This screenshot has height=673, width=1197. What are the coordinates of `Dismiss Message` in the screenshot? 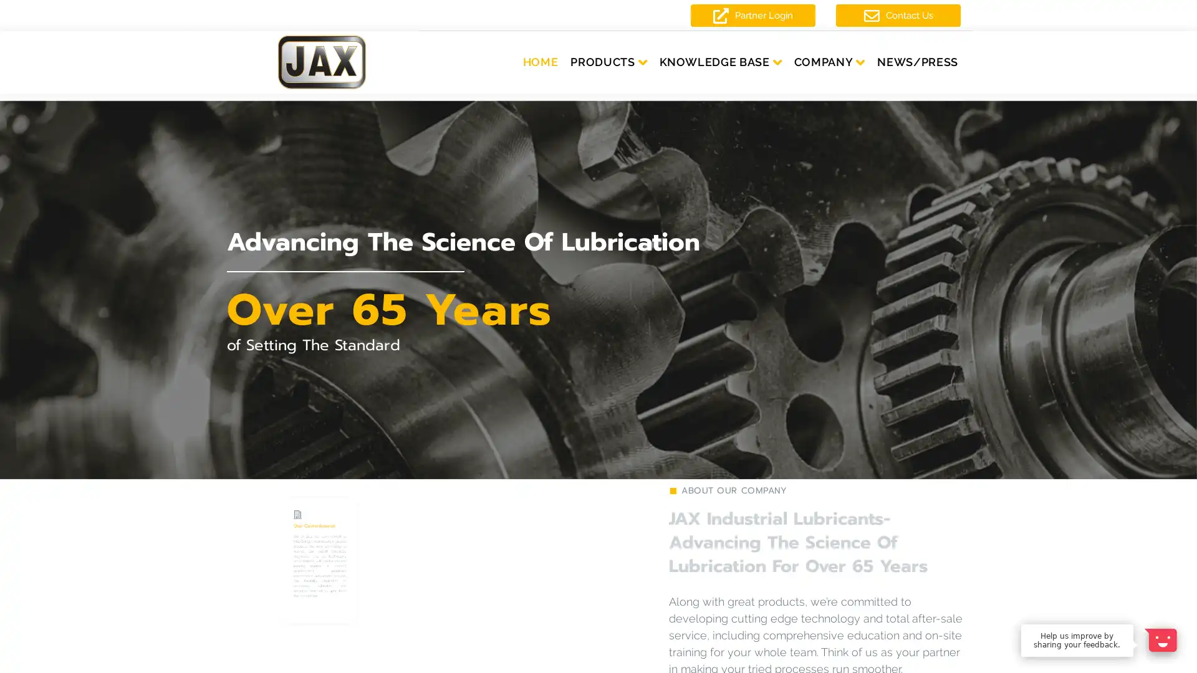 It's located at (1132, 625).